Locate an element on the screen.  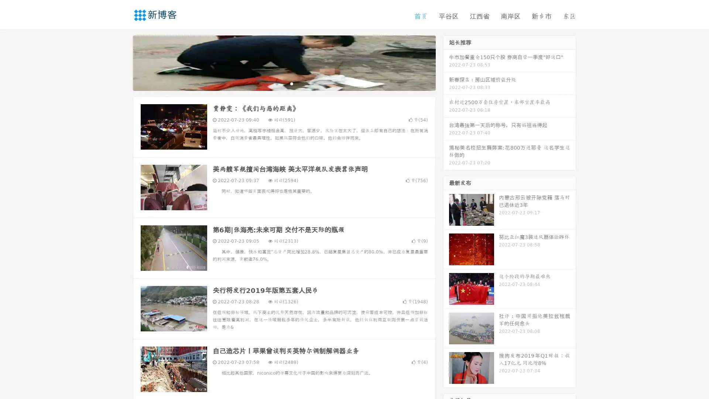
Previous slide is located at coordinates (122, 62).